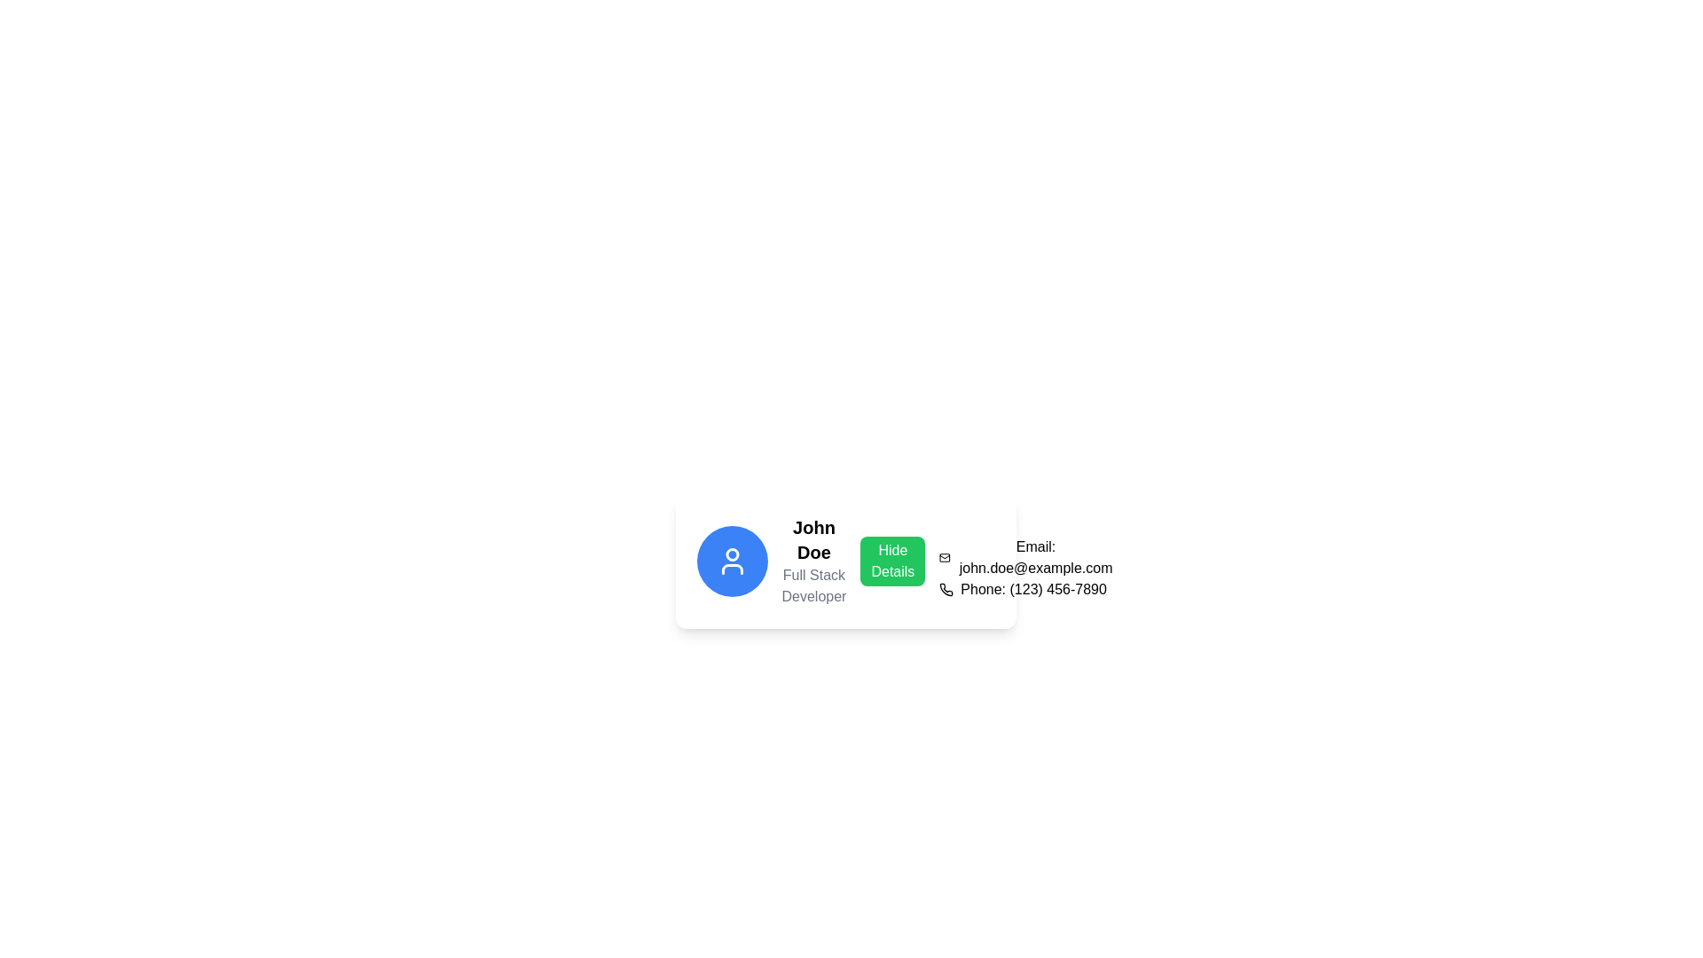  What do you see at coordinates (946, 589) in the screenshot?
I see `the telephone icon located at the bottom-center of the layout, which visually represents a contact phone and is adjacent to a phone number` at bounding box center [946, 589].